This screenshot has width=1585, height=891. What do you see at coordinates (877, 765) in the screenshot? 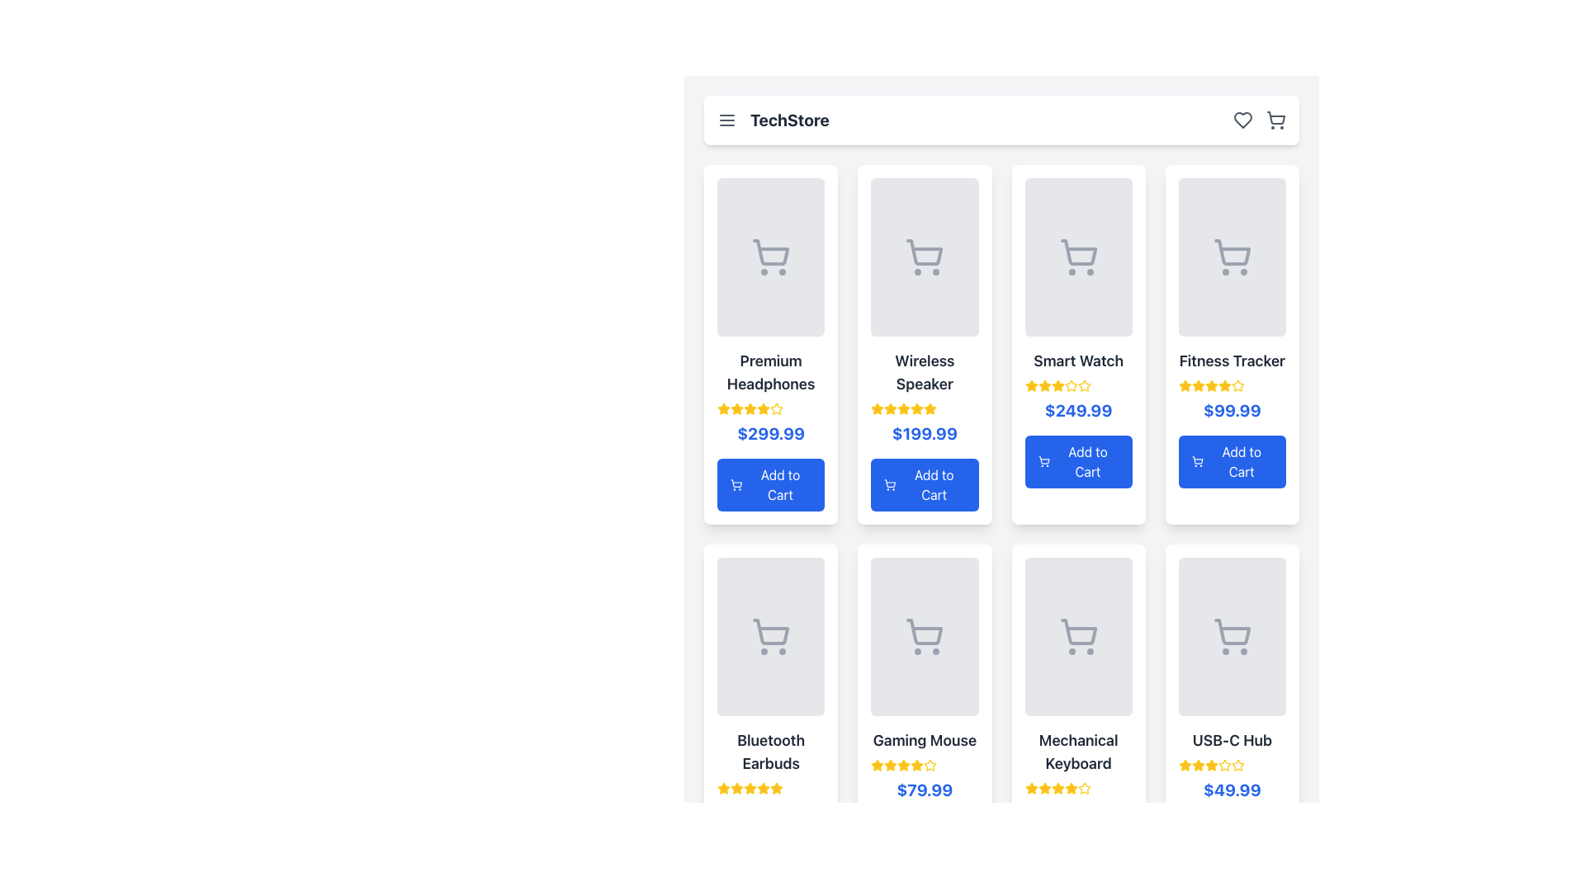
I see `the yellow star-shaped rating icon located in the review section of the 'Gaming Mouse' product card, positioned centrally beneath the product image and above the price` at bounding box center [877, 765].